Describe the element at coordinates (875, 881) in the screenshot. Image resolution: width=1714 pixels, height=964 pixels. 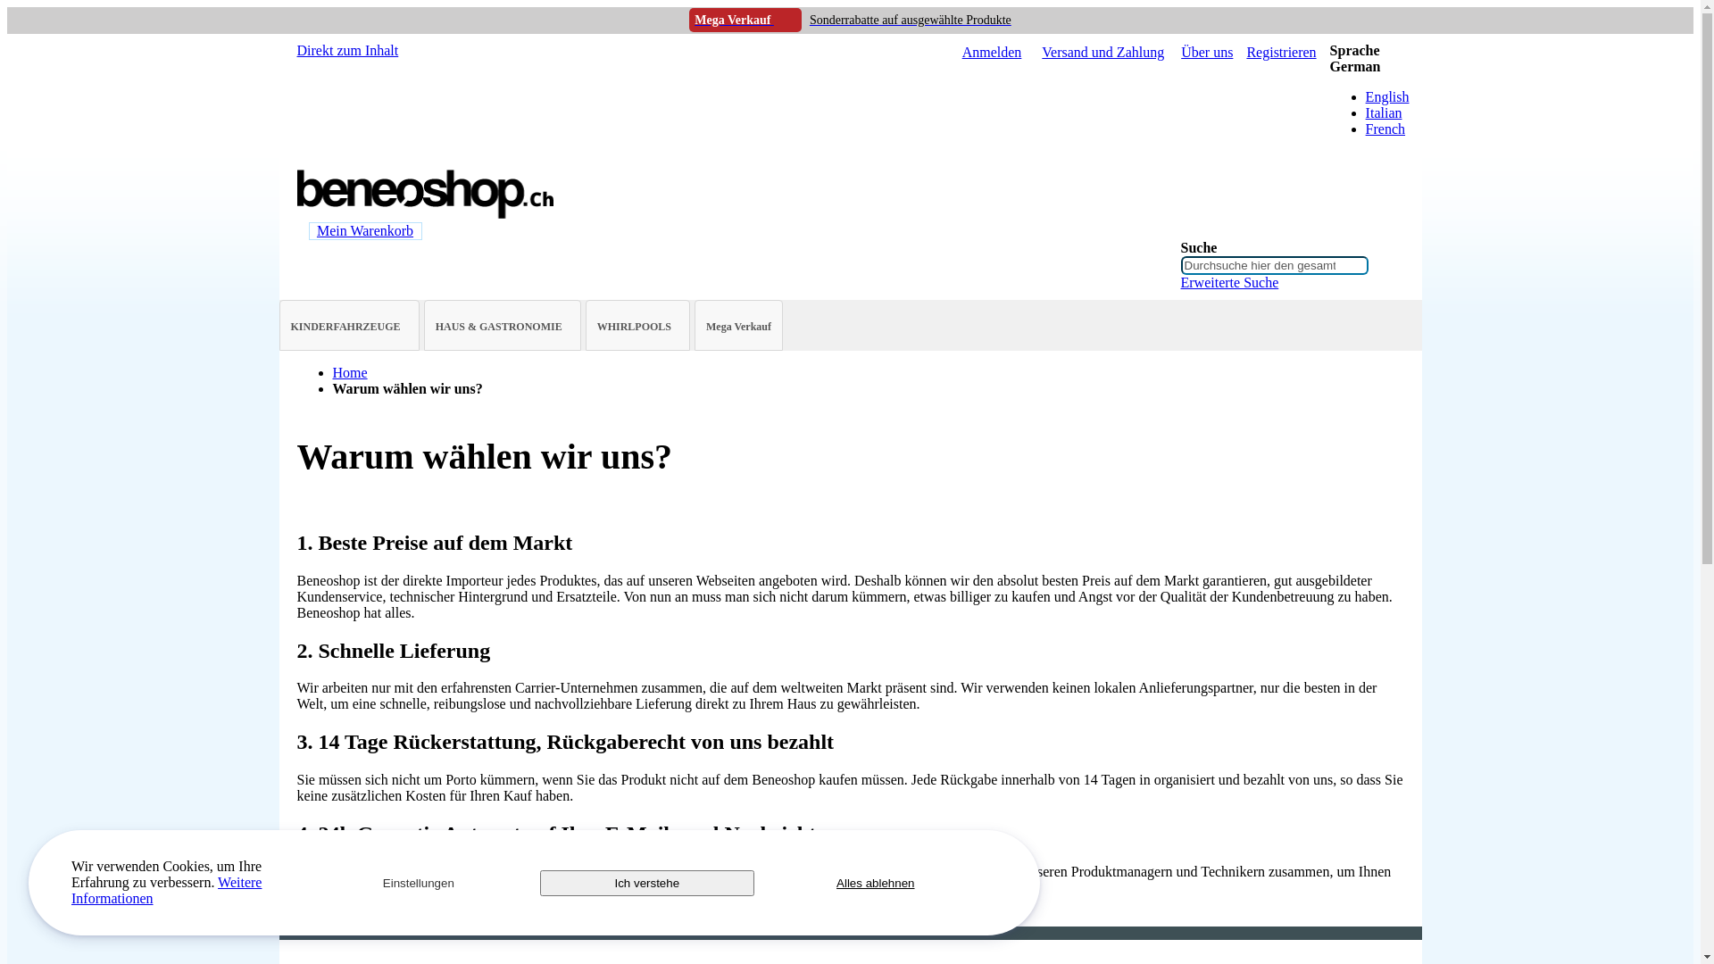
I see `'Alles ablehnen'` at that location.